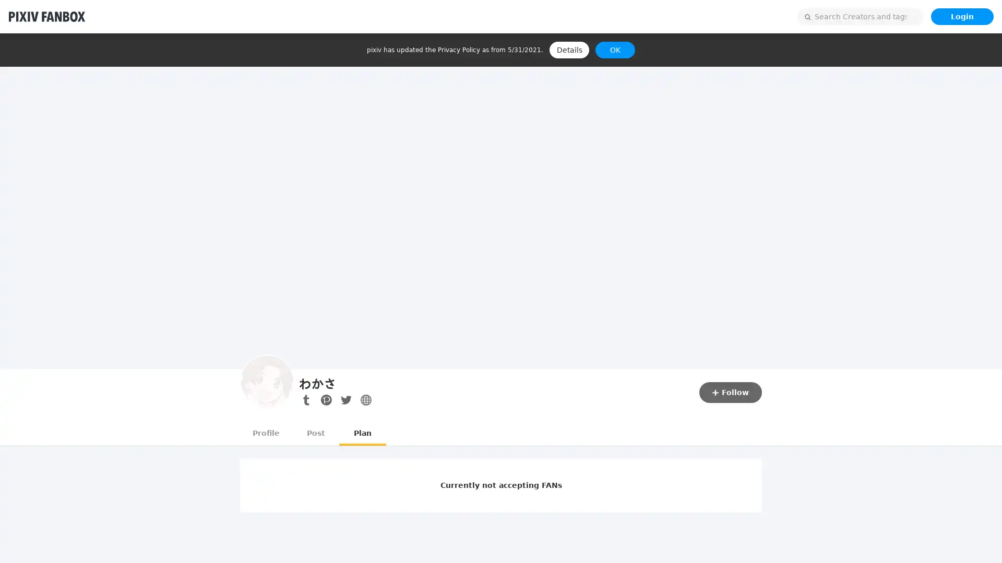  What do you see at coordinates (615, 50) in the screenshot?
I see `OK` at bounding box center [615, 50].